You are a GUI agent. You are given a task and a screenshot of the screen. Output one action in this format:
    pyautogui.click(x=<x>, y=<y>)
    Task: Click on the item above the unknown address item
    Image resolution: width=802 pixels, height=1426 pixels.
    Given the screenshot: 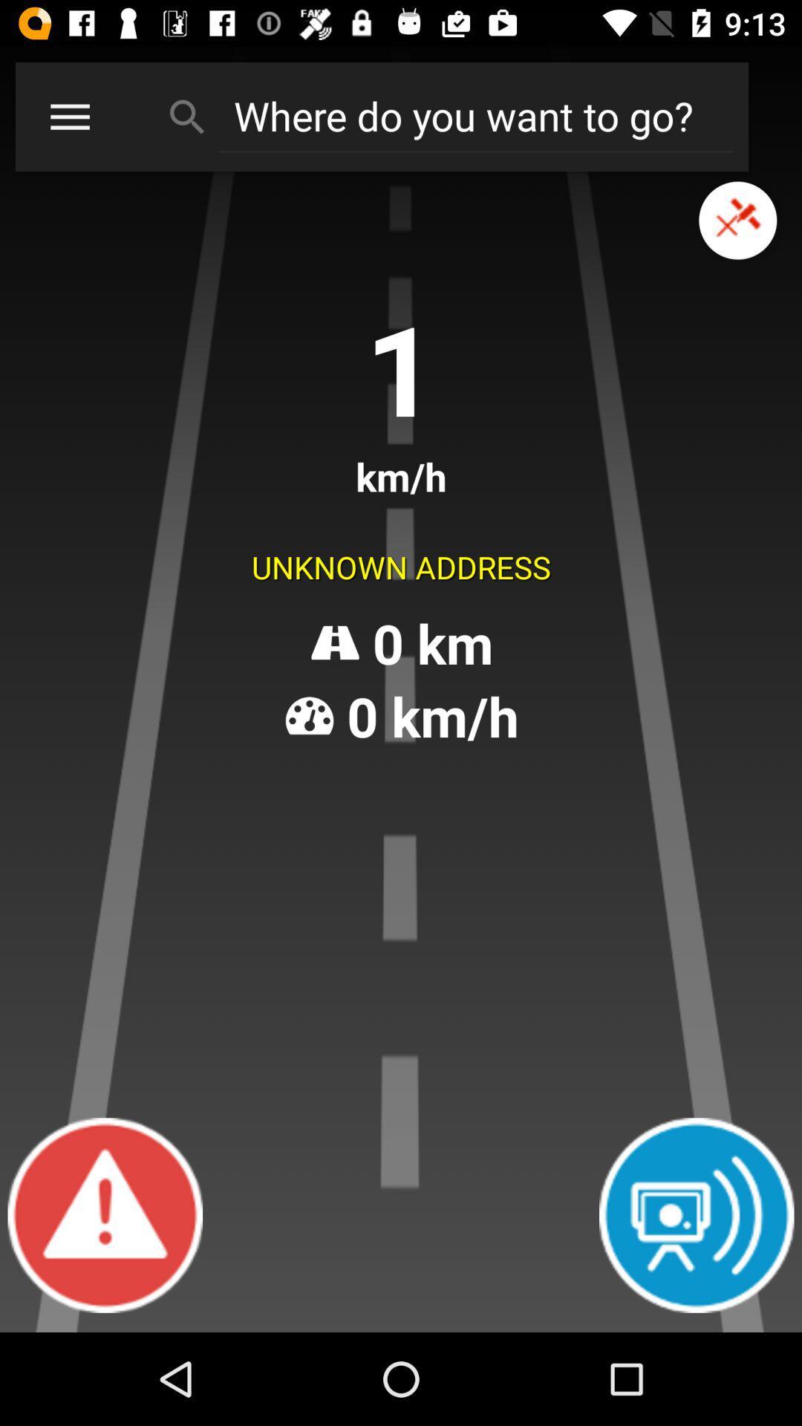 What is the action you would take?
    pyautogui.click(x=70, y=116)
    